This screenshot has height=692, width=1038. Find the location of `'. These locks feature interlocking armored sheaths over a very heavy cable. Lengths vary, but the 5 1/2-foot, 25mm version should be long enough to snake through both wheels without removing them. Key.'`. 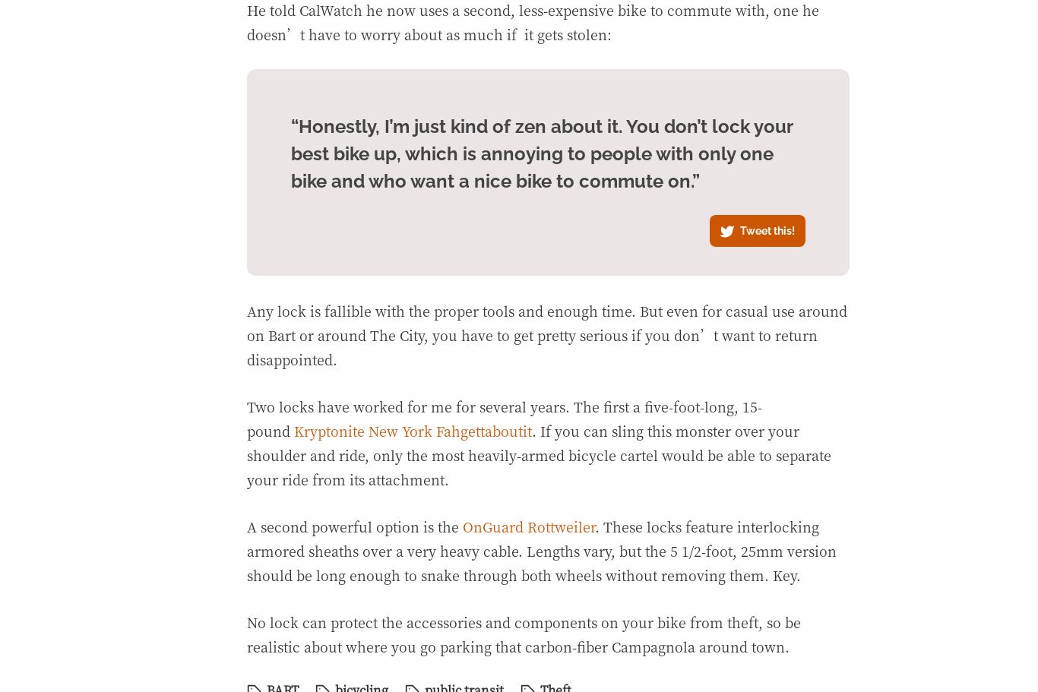

'. These locks feature interlocking armored sheaths over a very heavy cable. Lengths vary, but the 5 1/2-foot, 25mm version should be long enough to snake through both wheels without removing them. Key.' is located at coordinates (542, 550).